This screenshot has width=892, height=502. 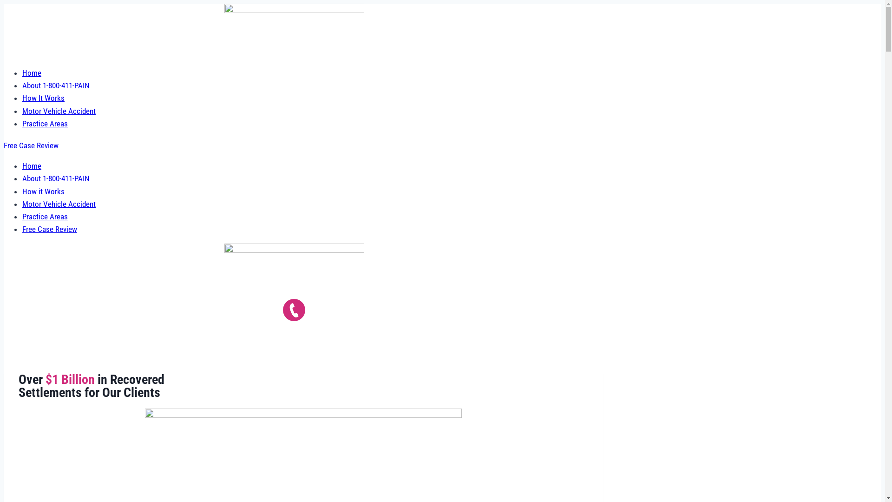 What do you see at coordinates (43, 98) in the screenshot?
I see `'How It Works'` at bounding box center [43, 98].